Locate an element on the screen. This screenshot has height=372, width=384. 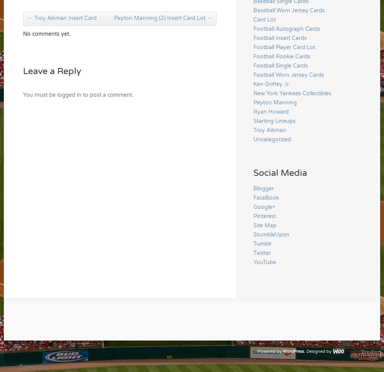
'Football Worn Jersey Cards' is located at coordinates (289, 74).